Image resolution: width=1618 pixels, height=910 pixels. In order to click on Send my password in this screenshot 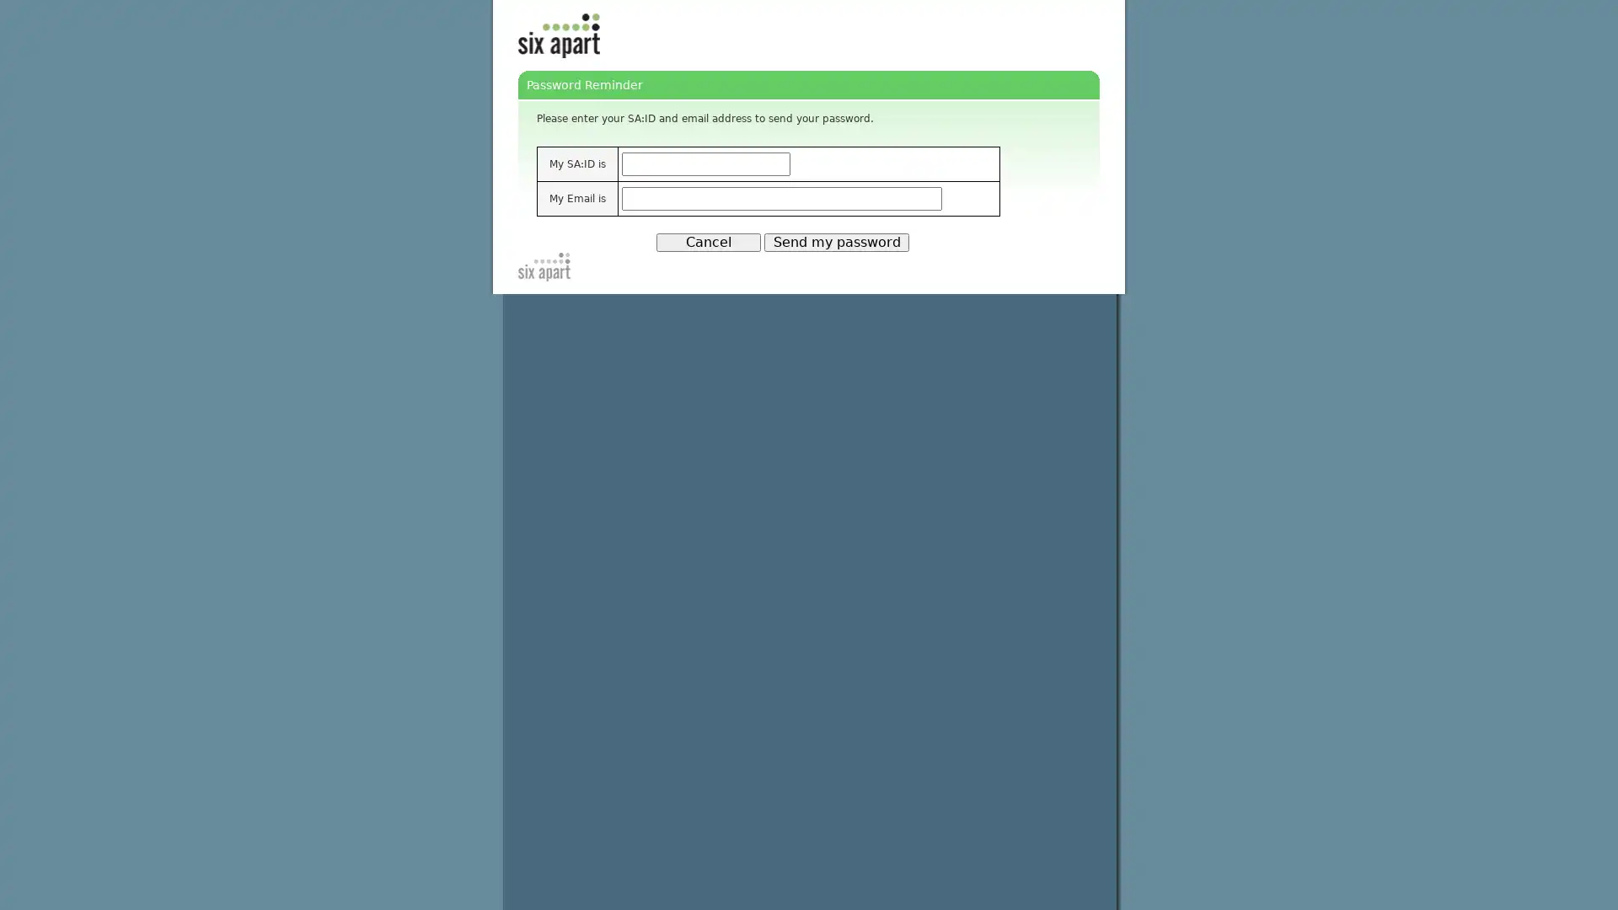, I will do `click(837, 243)`.